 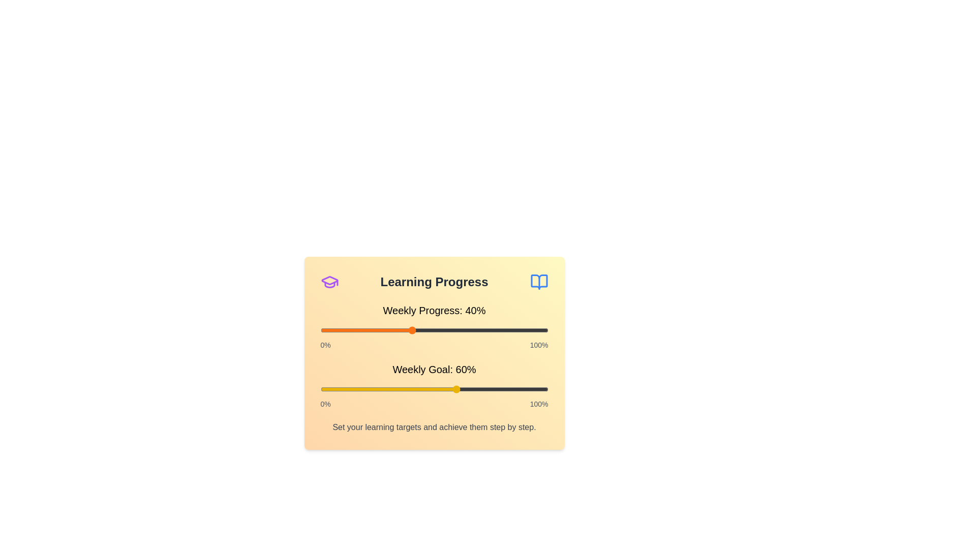 What do you see at coordinates (505, 389) in the screenshot?
I see `the 'Weekly Goal' slider to 81%` at bounding box center [505, 389].